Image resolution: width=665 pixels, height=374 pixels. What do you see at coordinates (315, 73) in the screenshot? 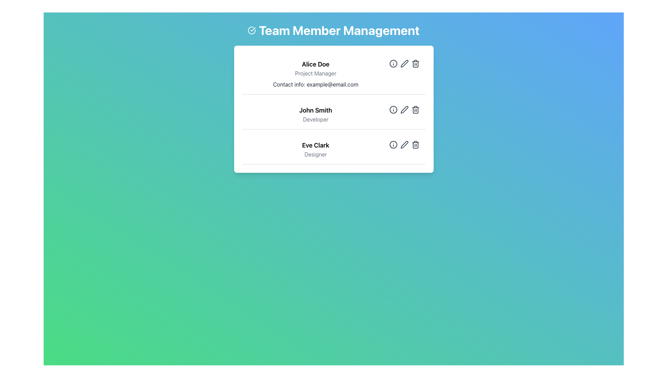
I see `the text label 'Project Manager' displayed in gray font, located below 'Alice Doe' within the card layout` at bounding box center [315, 73].